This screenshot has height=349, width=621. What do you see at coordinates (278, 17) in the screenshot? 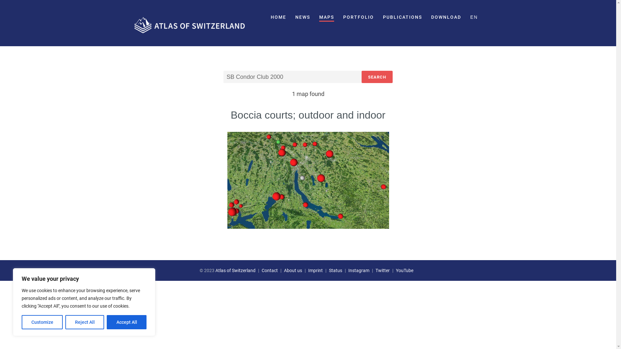
I see `'HOME'` at bounding box center [278, 17].